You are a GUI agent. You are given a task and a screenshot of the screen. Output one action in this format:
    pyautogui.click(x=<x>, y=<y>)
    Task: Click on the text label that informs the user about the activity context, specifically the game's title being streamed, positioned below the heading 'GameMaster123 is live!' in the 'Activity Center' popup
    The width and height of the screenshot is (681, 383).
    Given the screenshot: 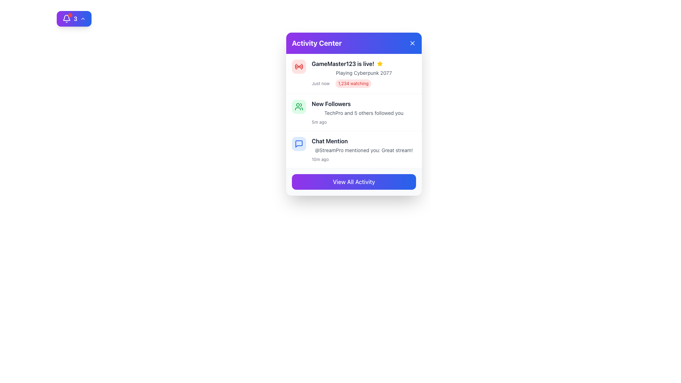 What is the action you would take?
    pyautogui.click(x=364, y=73)
    